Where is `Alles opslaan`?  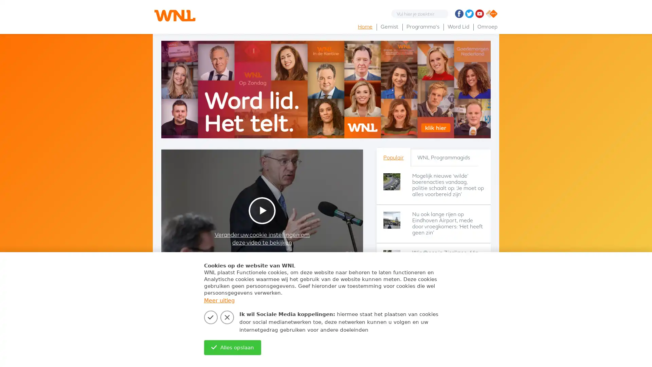 Alles opslaan is located at coordinates (232, 347).